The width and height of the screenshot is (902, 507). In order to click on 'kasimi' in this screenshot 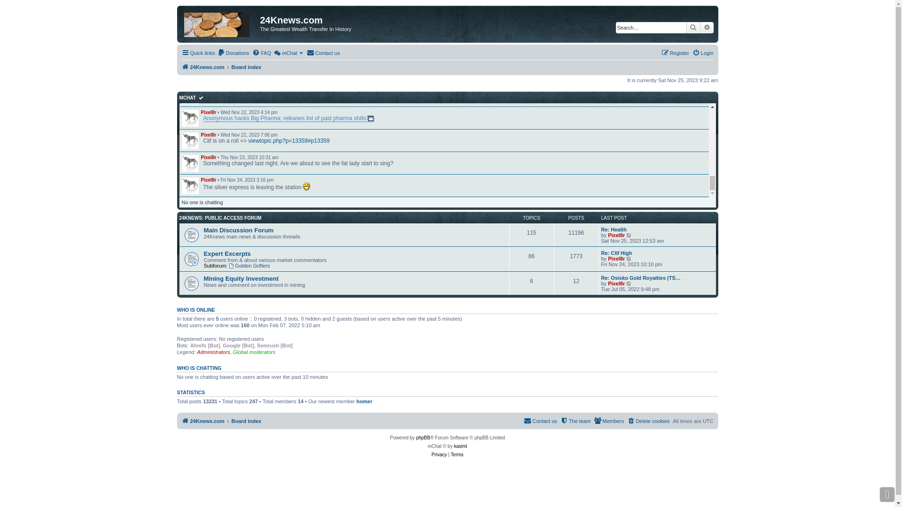, I will do `click(460, 446)`.